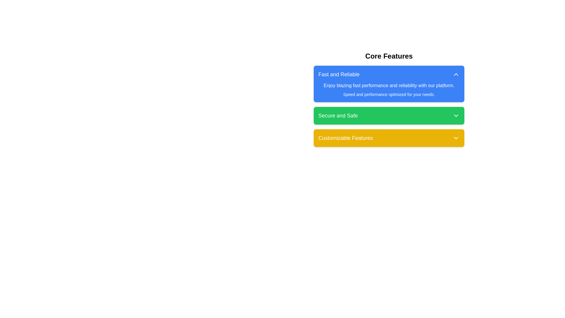 The width and height of the screenshot is (565, 318). I want to click on the second expandable panel under the 'Core Features' header, so click(389, 106).